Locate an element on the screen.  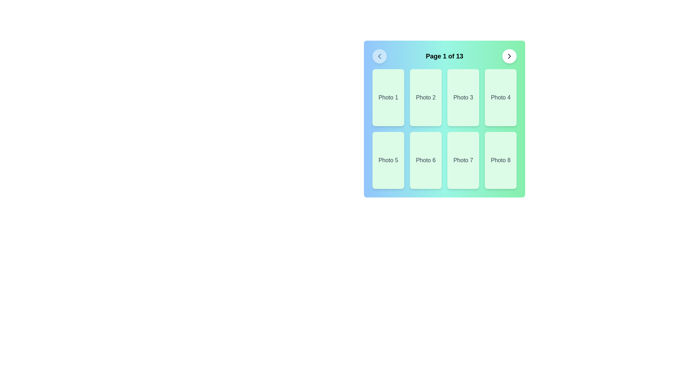
the card labeled 'Photo 1' which is a rectangular element with a soft green background and dark gray text, located at the top-left position of the grid is located at coordinates (388, 97).